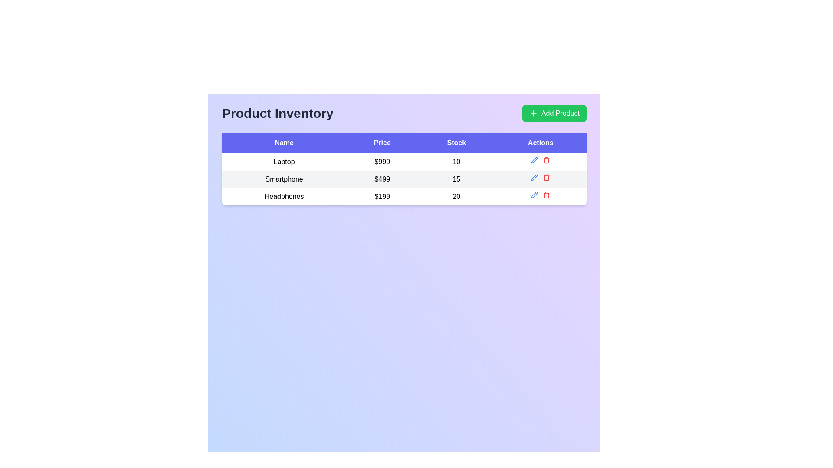  Describe the element at coordinates (534, 195) in the screenshot. I see `the edit action icon located in the last row of the table within the 'Actions' column, which is positioned second from the left among its siblings` at that location.